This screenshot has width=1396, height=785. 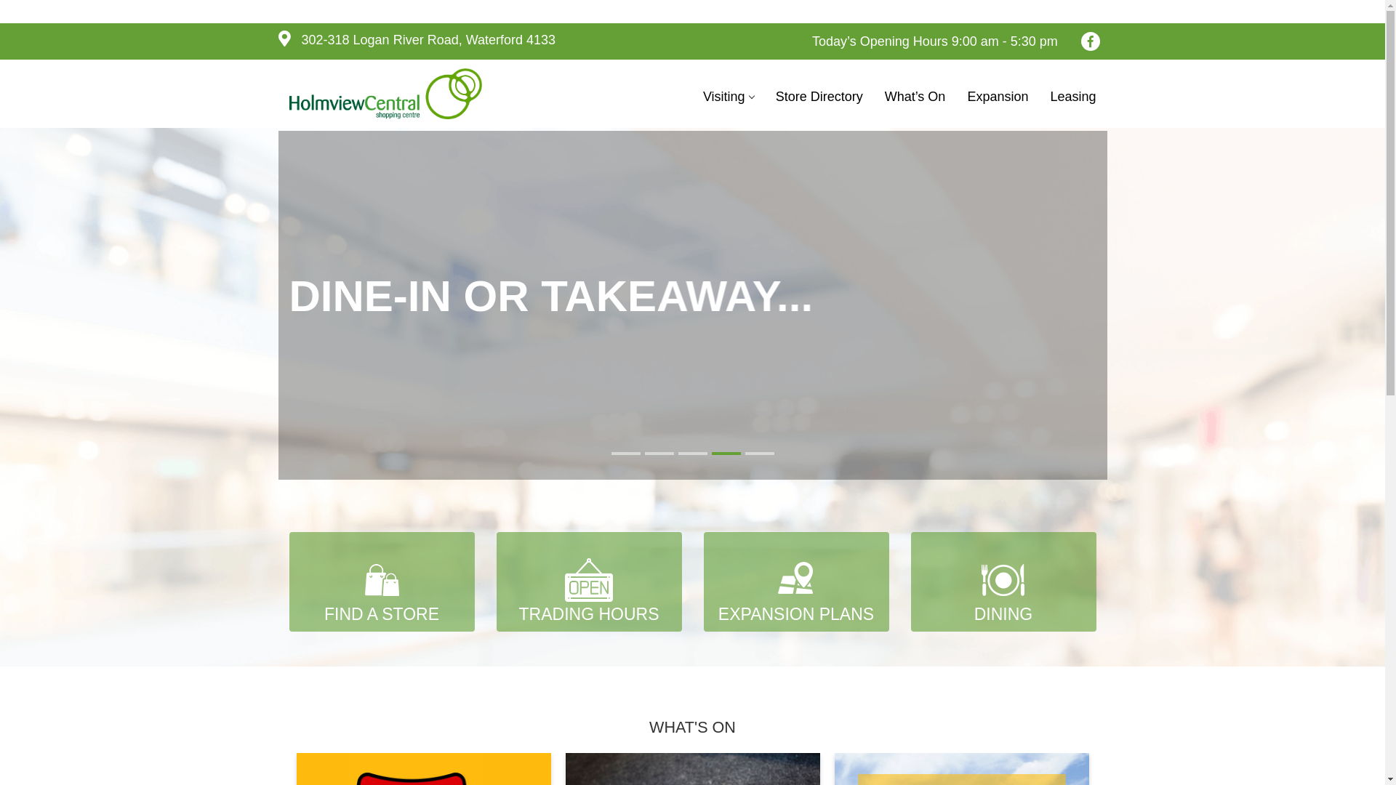 What do you see at coordinates (729, 95) in the screenshot?
I see `'Visiting'` at bounding box center [729, 95].